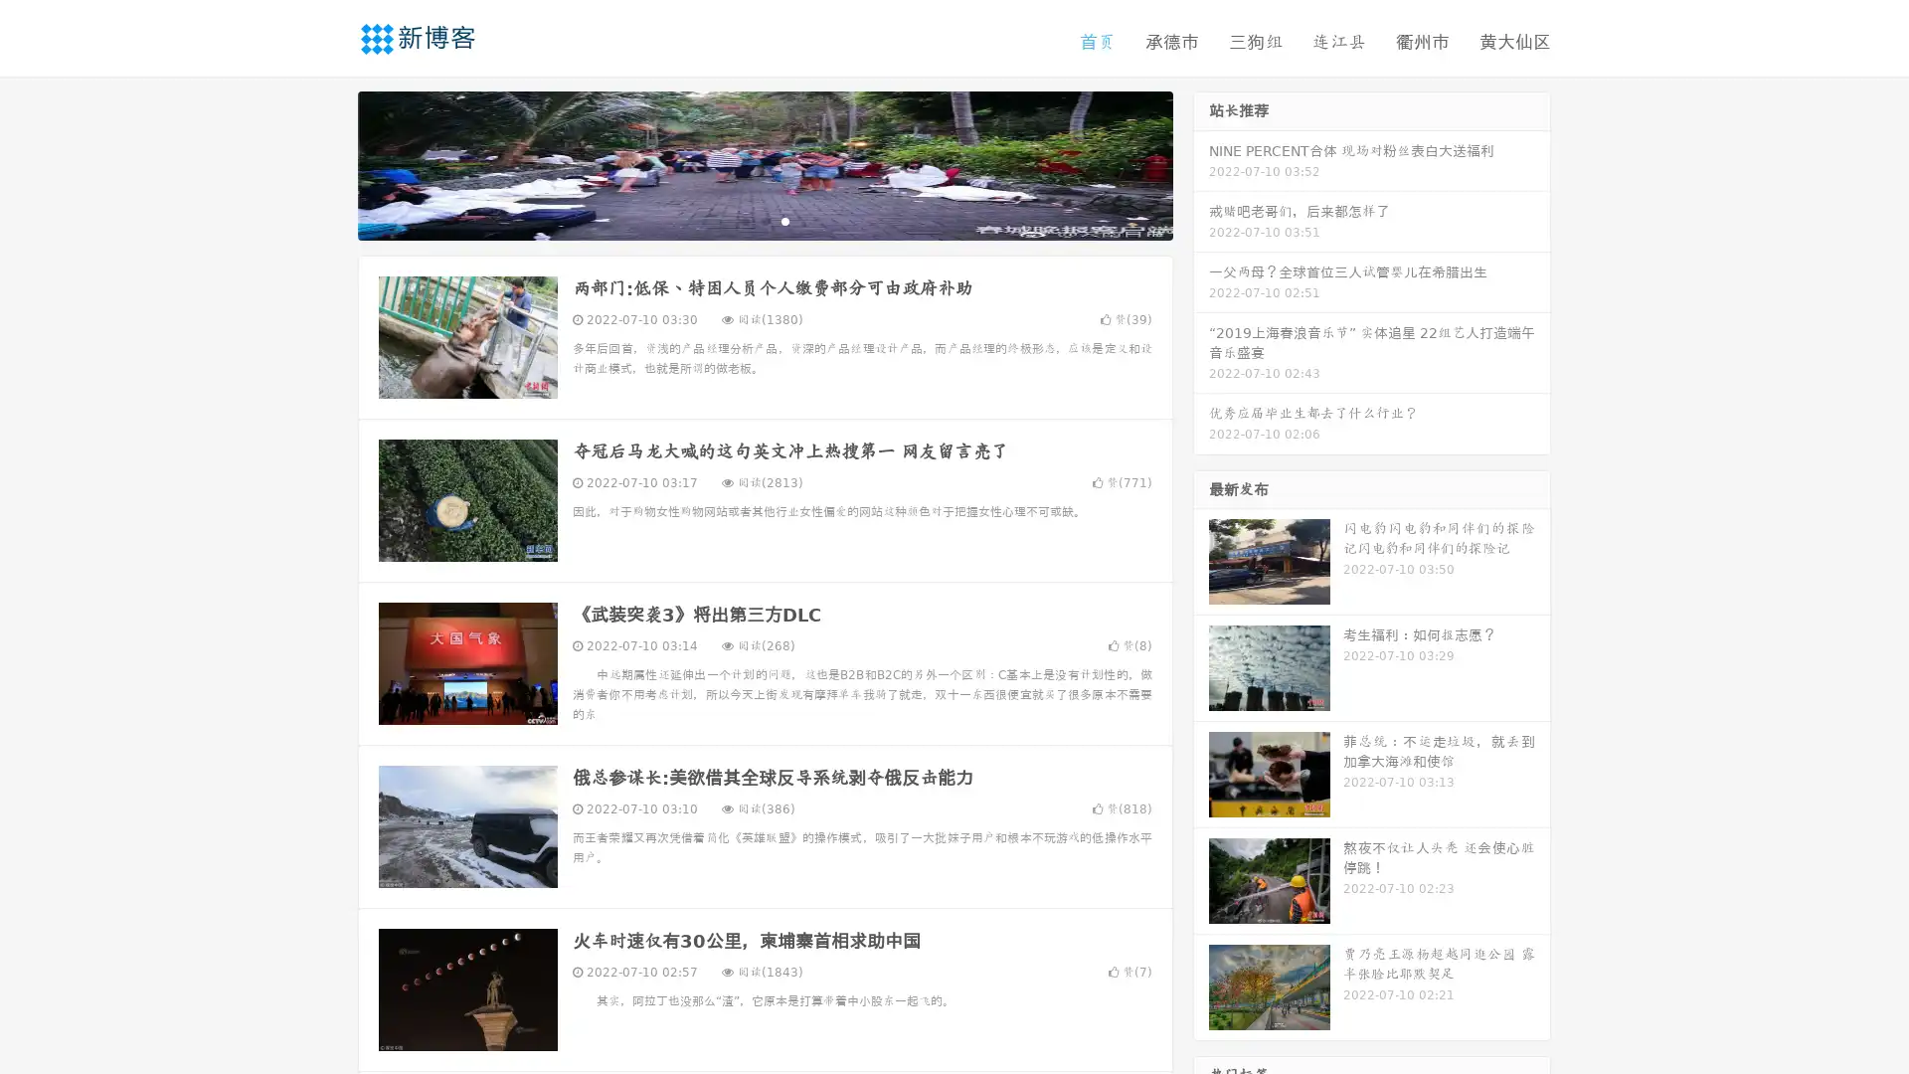 The height and width of the screenshot is (1074, 1909). I want to click on Go to slide 1, so click(744, 224).